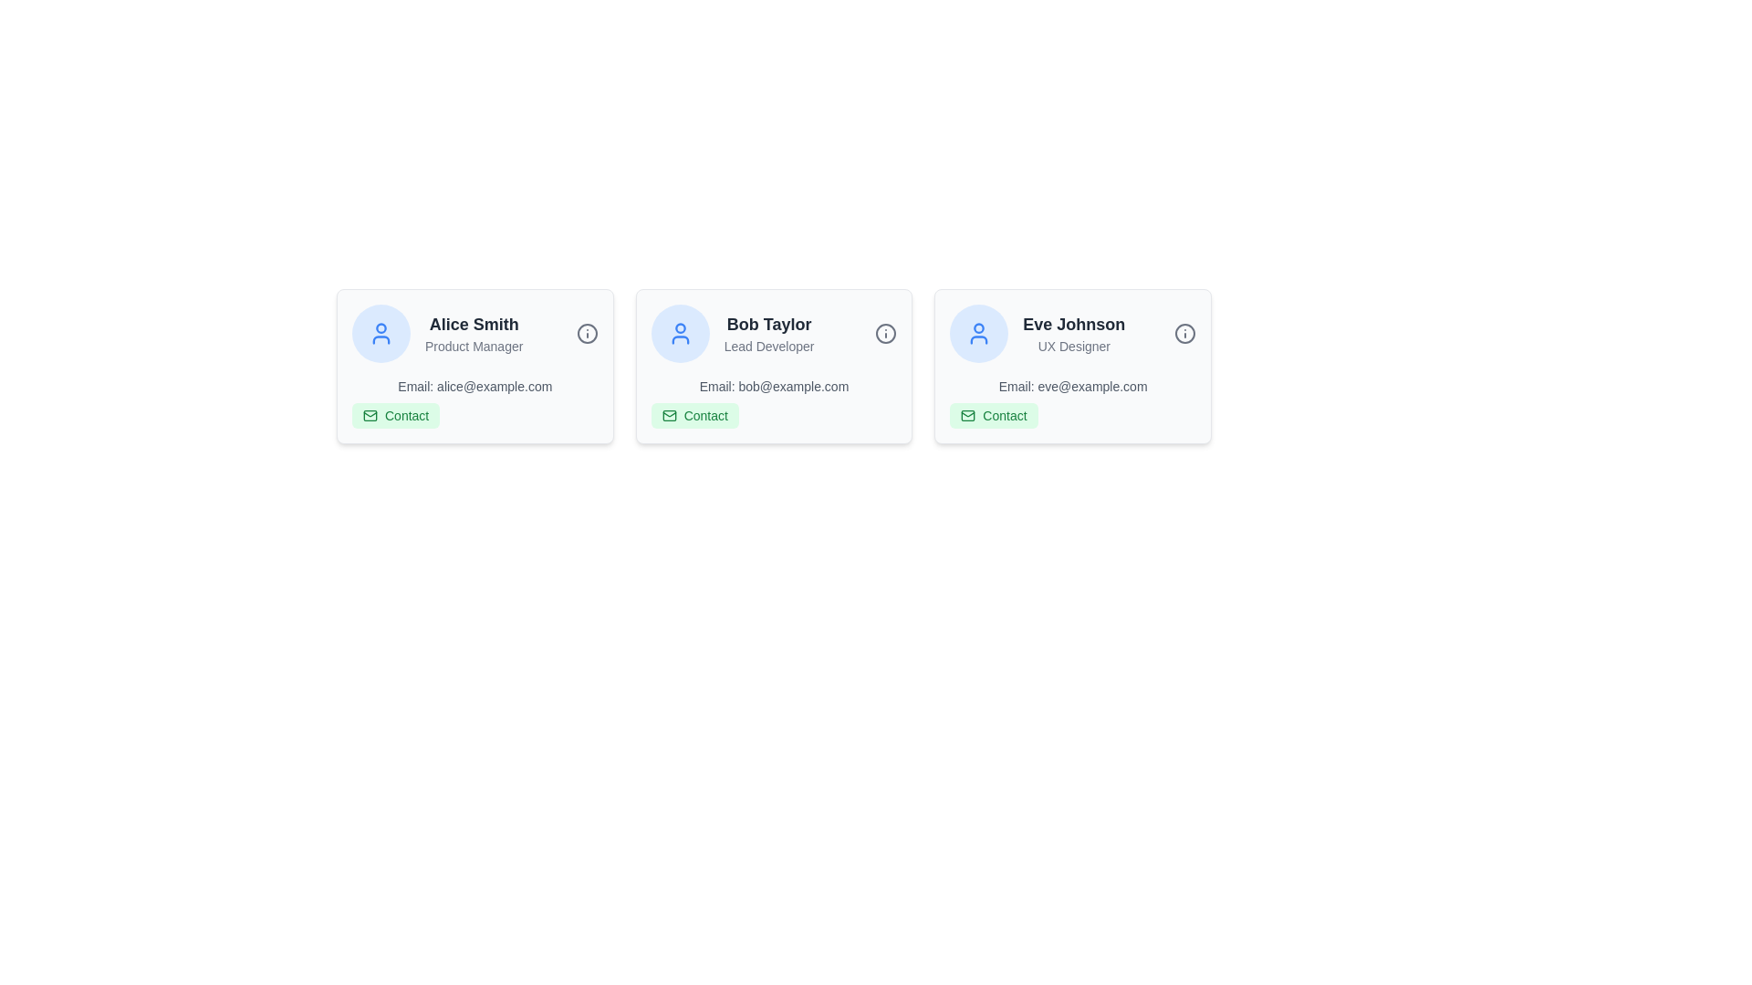 The image size is (1752, 985). What do you see at coordinates (679, 328) in the screenshot?
I see `the circular shape representing the user's profile in the second card titled 'Bob Taylor'` at bounding box center [679, 328].